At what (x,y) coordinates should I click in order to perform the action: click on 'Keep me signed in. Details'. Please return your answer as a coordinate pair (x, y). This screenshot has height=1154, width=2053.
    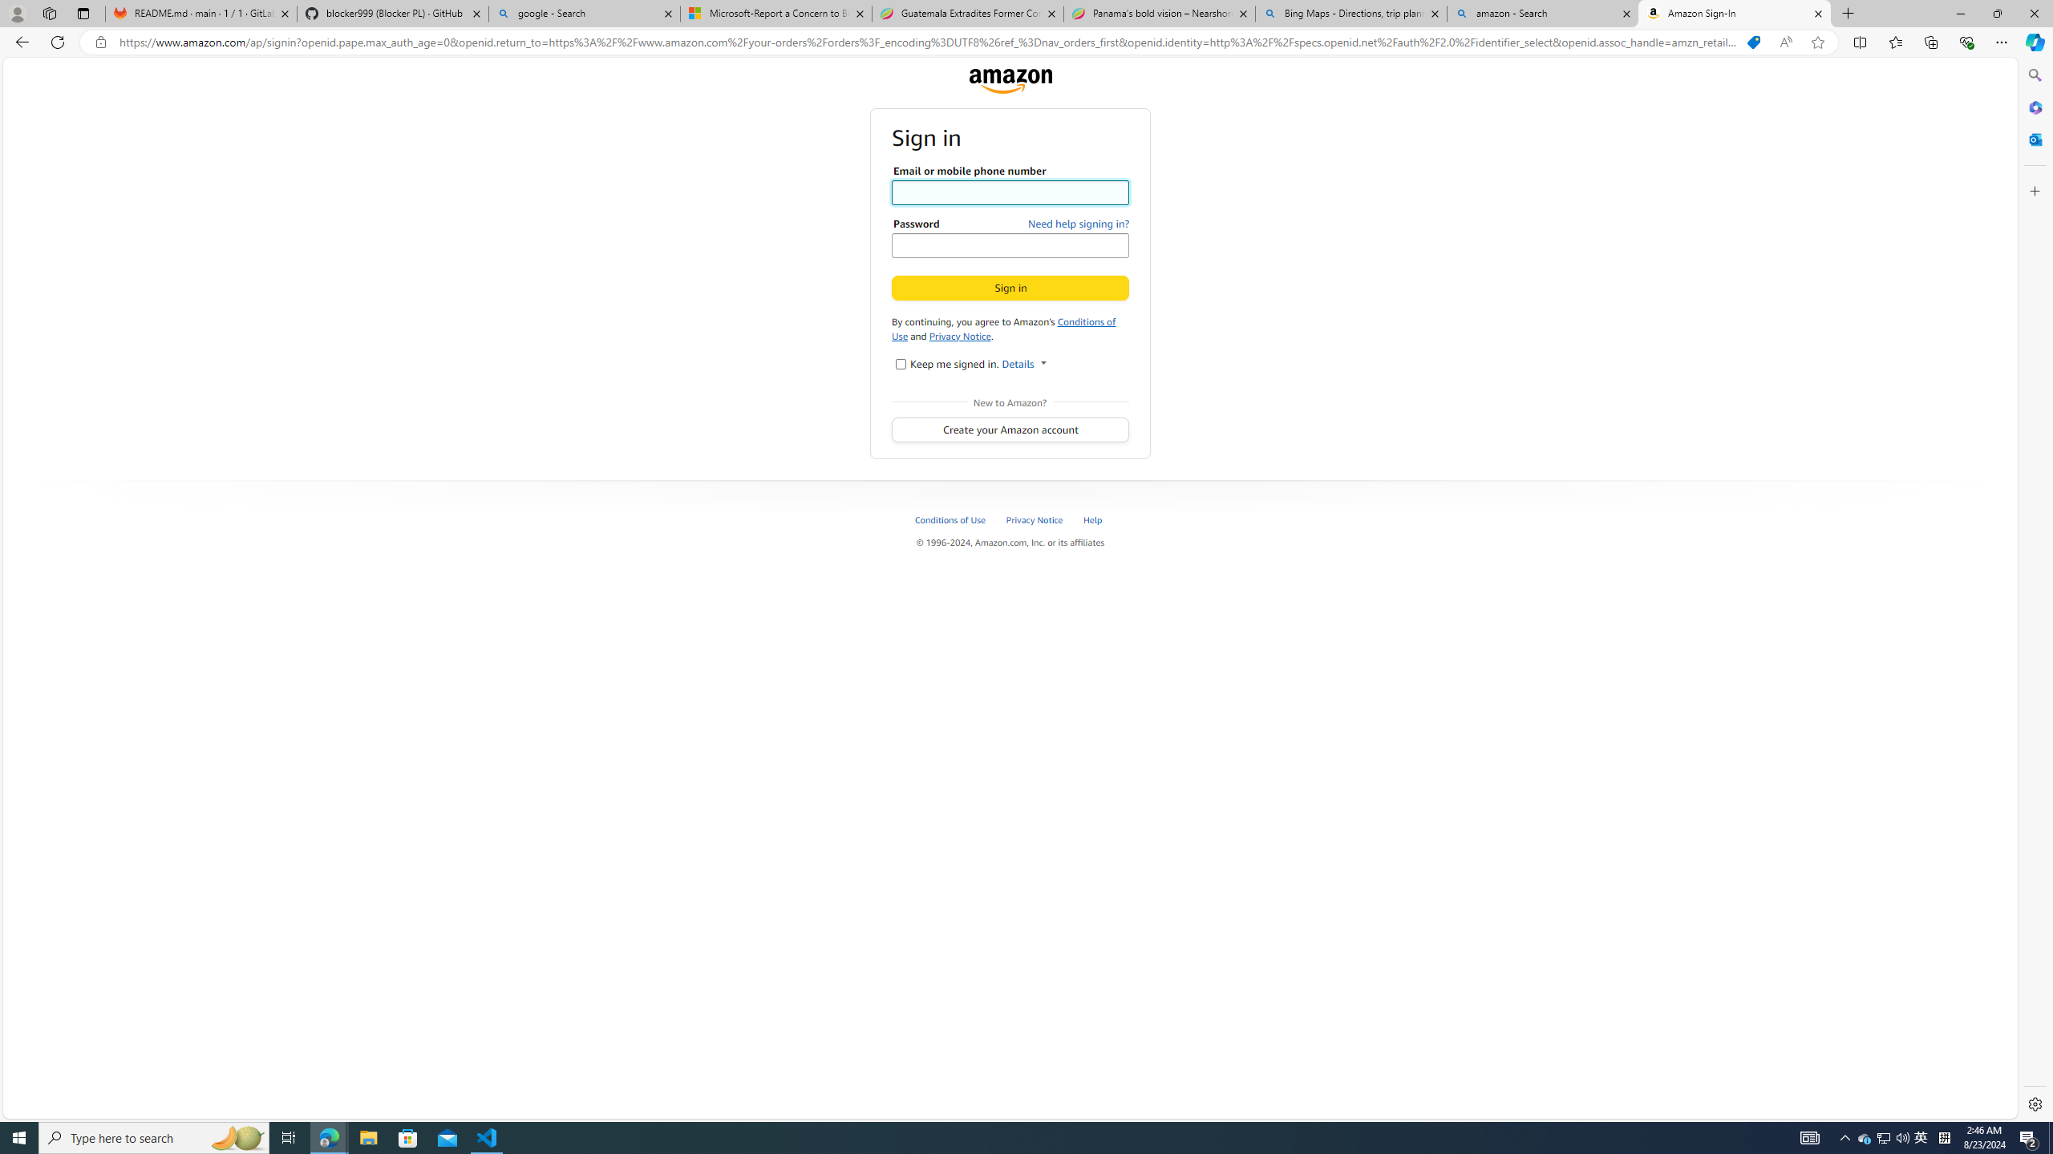
    Looking at the image, I should click on (899, 362).